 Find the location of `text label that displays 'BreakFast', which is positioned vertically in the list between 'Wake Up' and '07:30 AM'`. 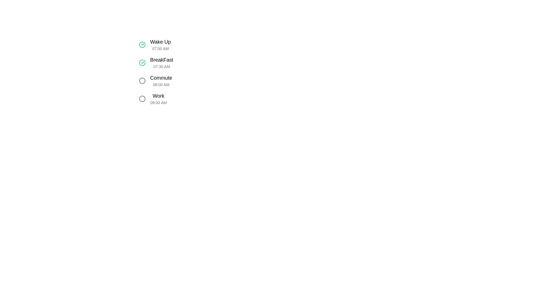

text label that displays 'BreakFast', which is positioned vertically in the list between 'Wake Up' and '07:30 AM' is located at coordinates (161, 60).